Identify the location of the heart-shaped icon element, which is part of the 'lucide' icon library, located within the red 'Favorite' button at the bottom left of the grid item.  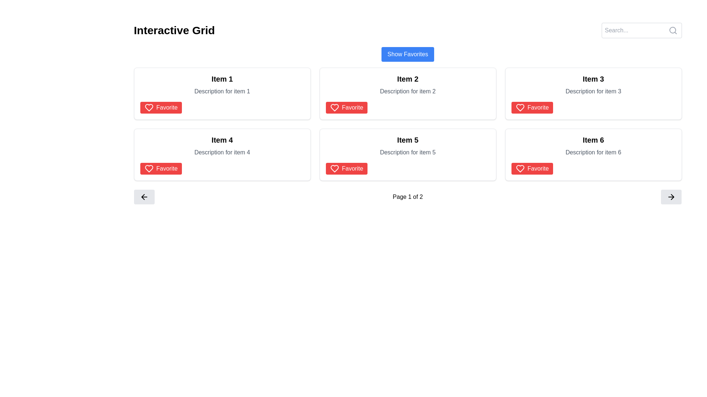
(334, 108).